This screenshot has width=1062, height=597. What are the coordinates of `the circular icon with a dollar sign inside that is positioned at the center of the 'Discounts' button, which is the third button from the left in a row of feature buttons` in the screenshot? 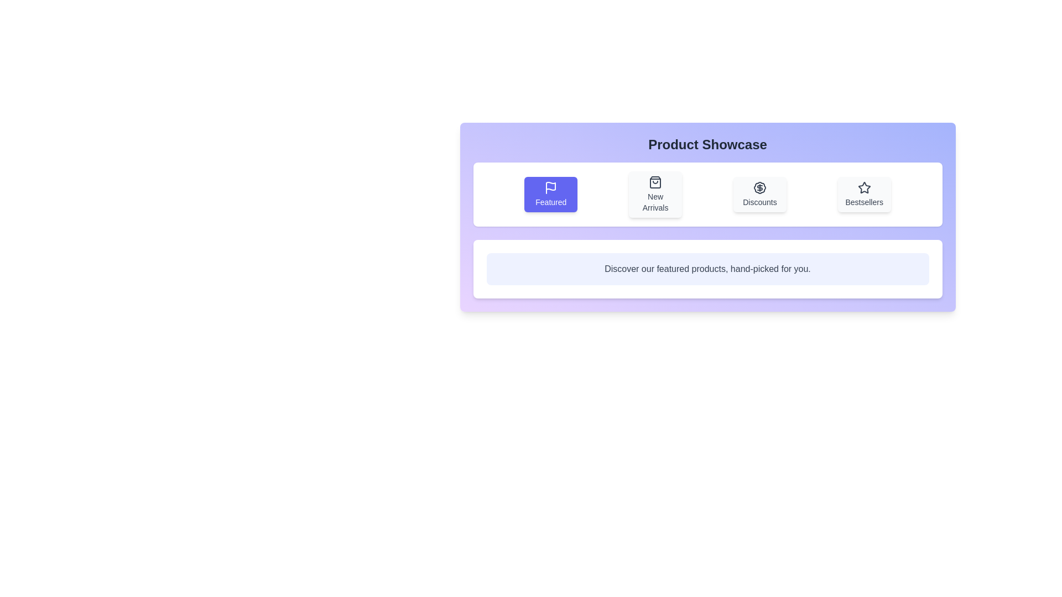 It's located at (759, 187).